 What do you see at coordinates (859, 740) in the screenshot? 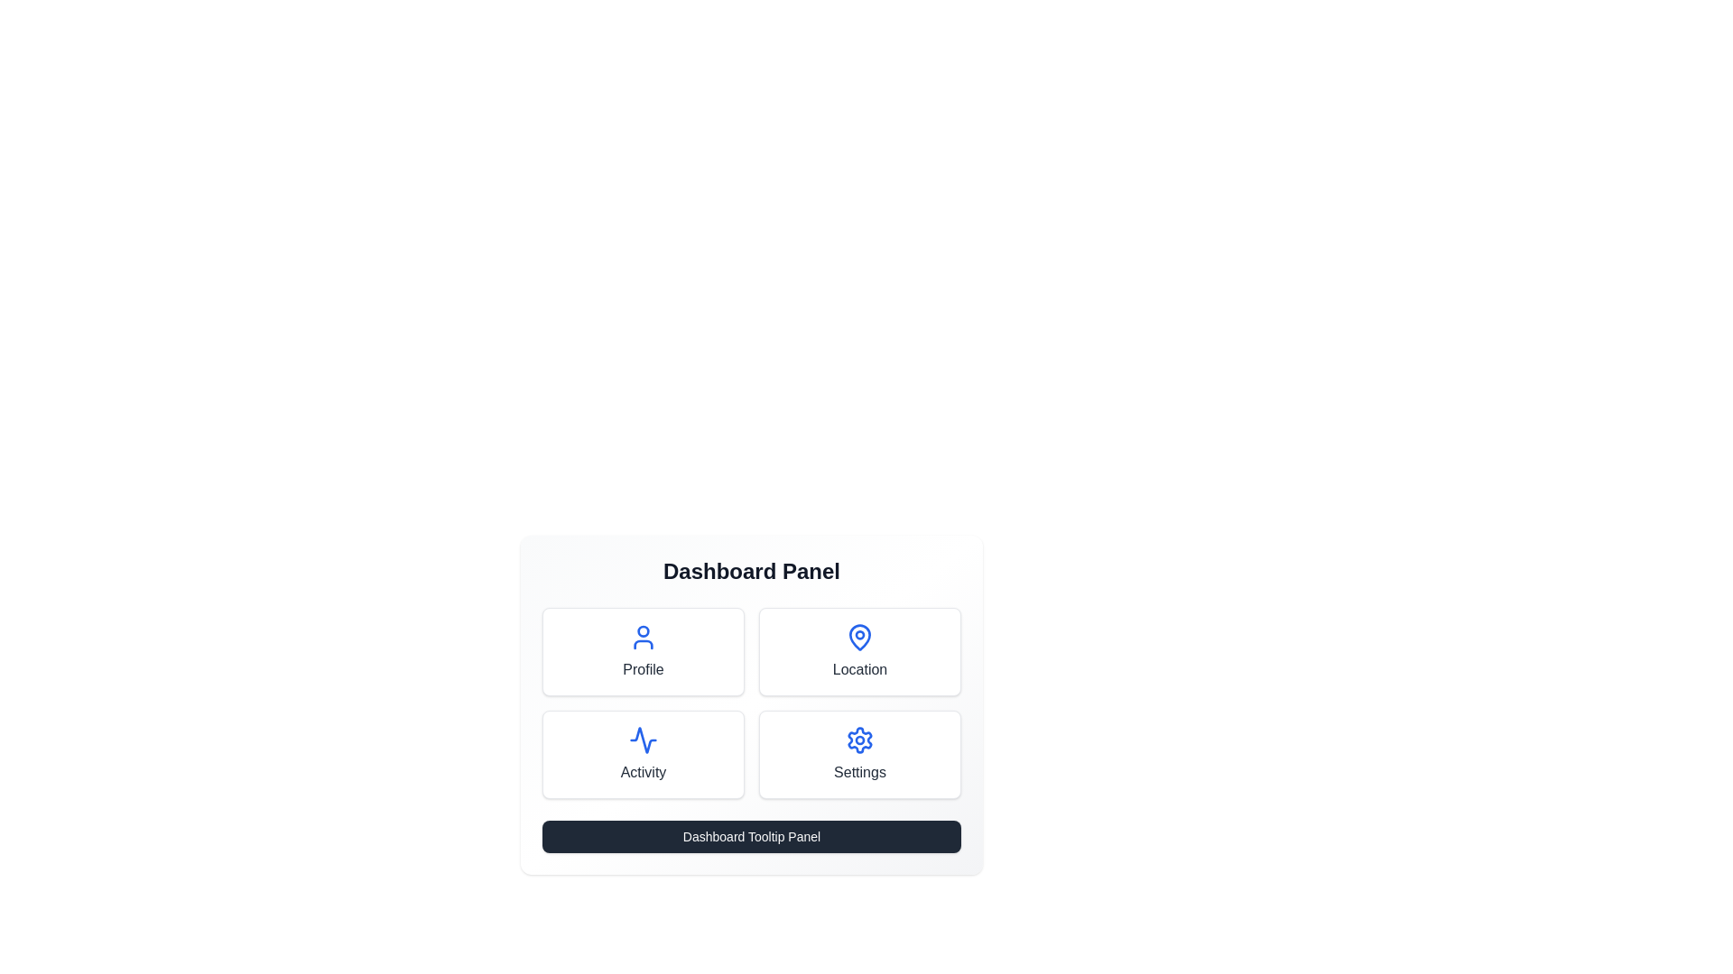
I see `the small blue gear icon representing settings, located at the top center of the 'Settings' card` at bounding box center [859, 740].